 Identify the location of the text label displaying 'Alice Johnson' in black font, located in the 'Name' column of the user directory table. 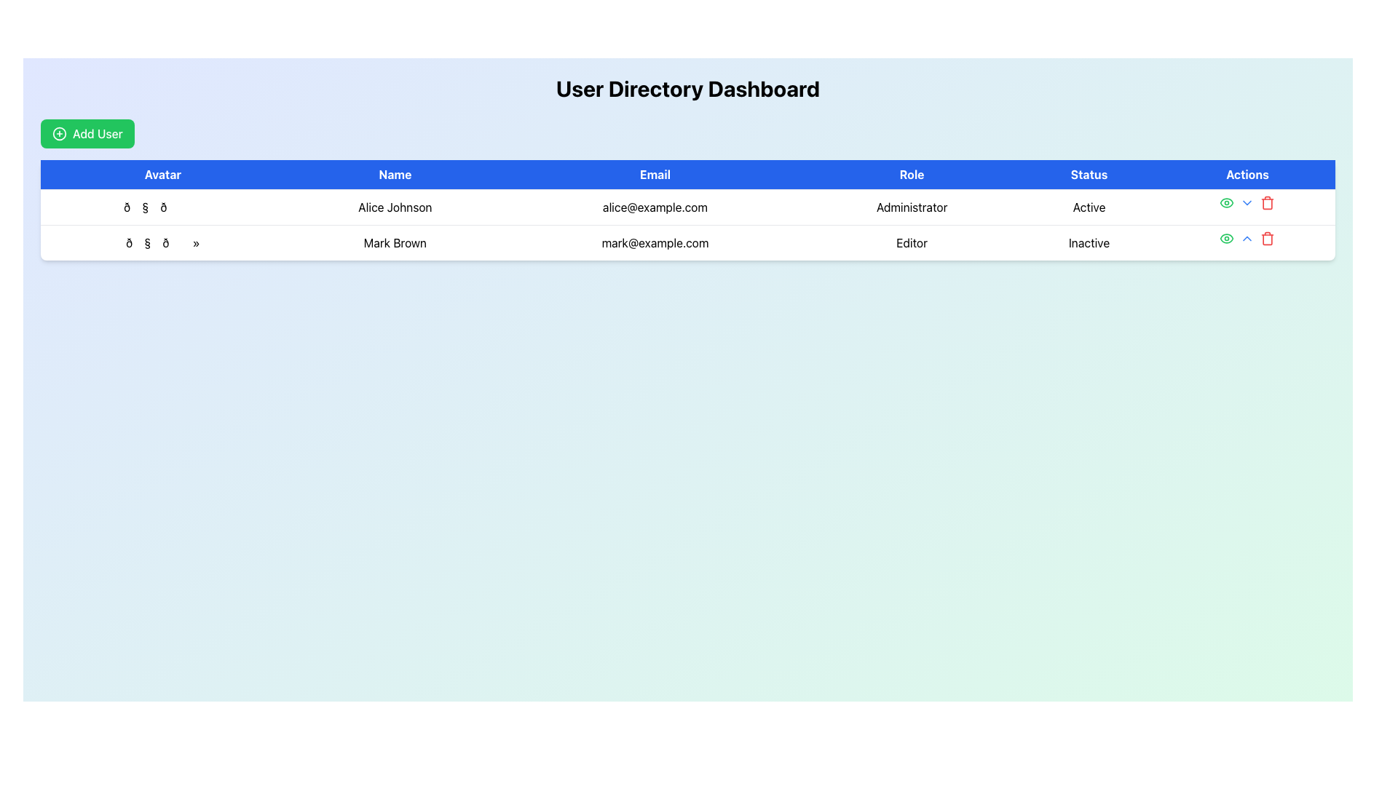
(395, 207).